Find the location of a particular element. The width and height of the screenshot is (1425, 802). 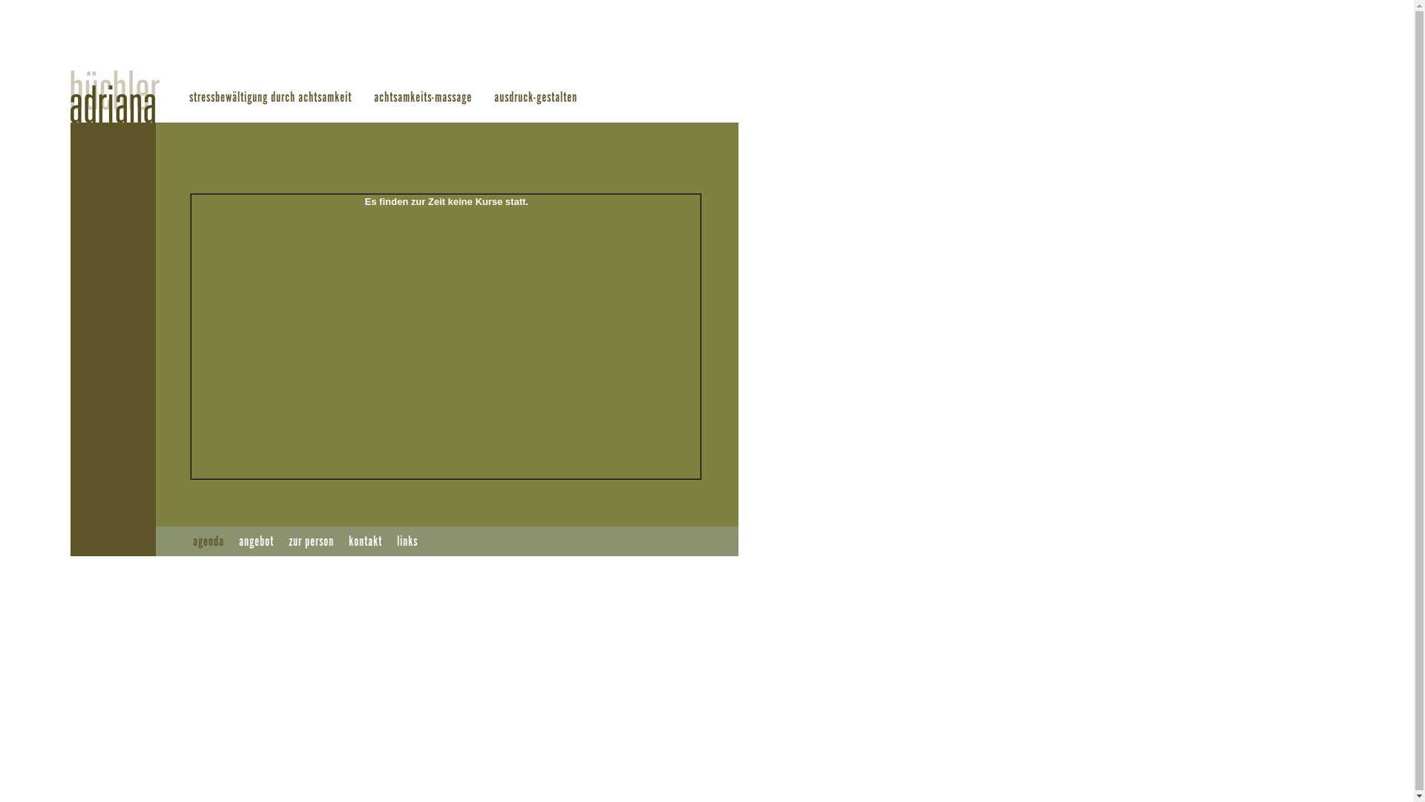

'zur person' is located at coordinates (310, 541).